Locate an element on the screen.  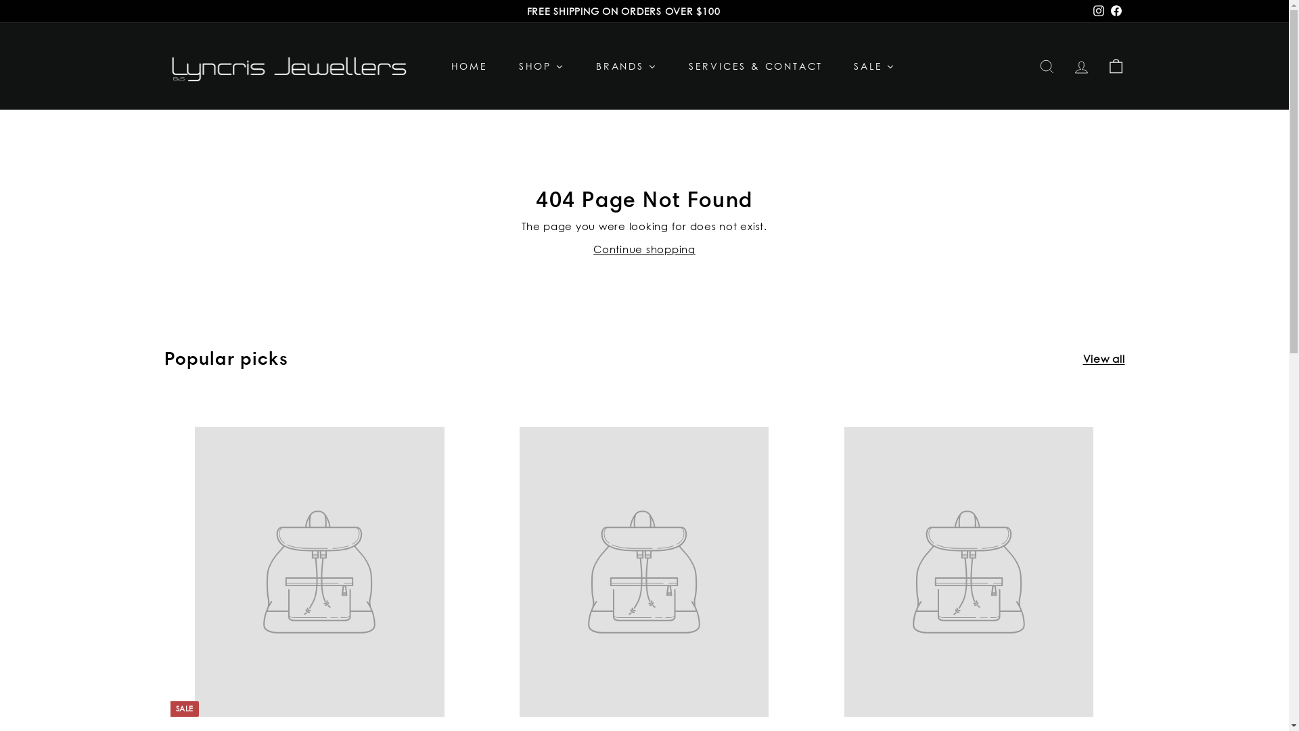
'Continue shopping' is located at coordinates (593, 248).